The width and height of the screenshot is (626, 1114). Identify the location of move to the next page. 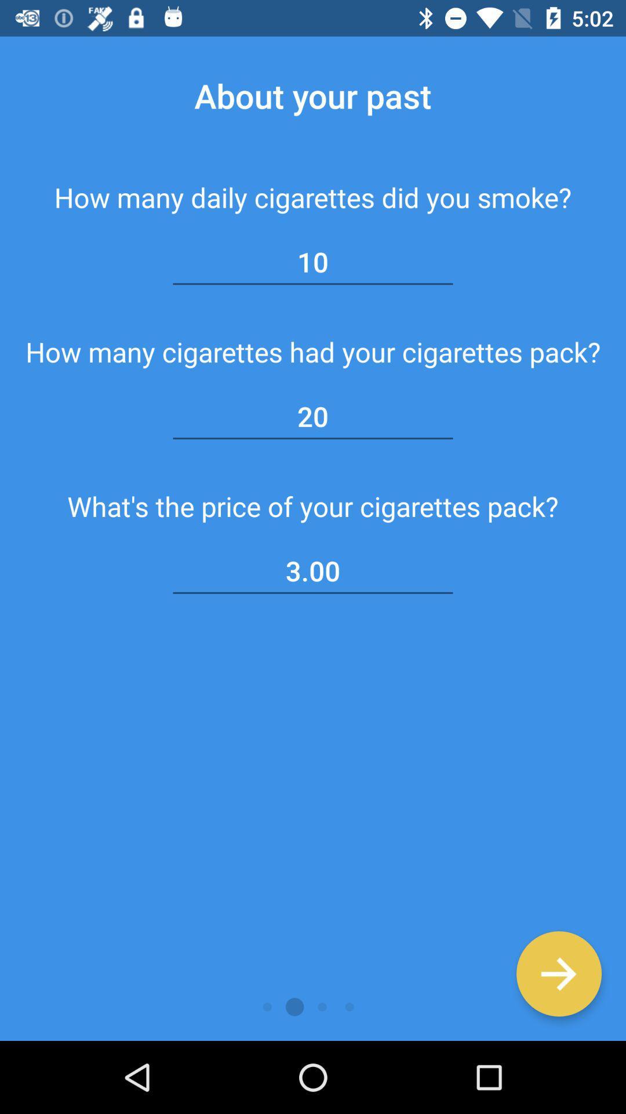
(558, 974).